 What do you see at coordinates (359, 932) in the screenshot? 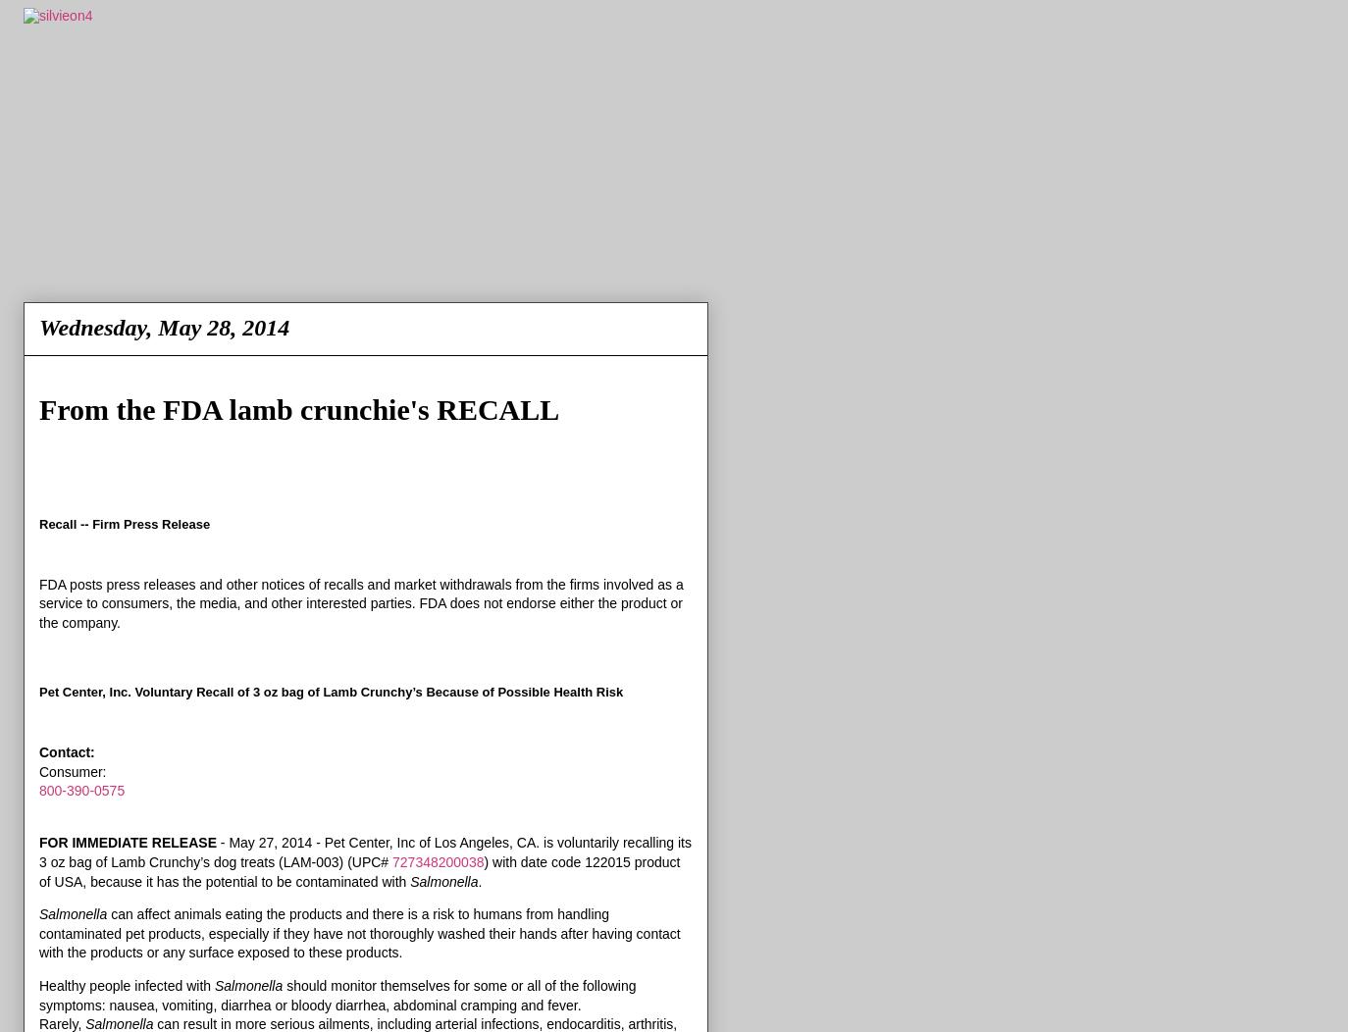
I see `'can affect animals eating the products and there is a risk to humans from handling contaminated pet products, especially if they have not thoroughly washed their hands after having contact with the products or any surface exposed to these products.'` at bounding box center [359, 932].